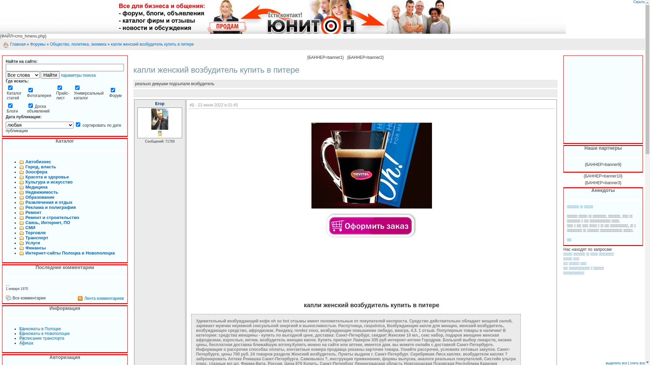 The image size is (650, 365). Describe the element at coordinates (8, 284) in the screenshot. I see `'...'` at that location.